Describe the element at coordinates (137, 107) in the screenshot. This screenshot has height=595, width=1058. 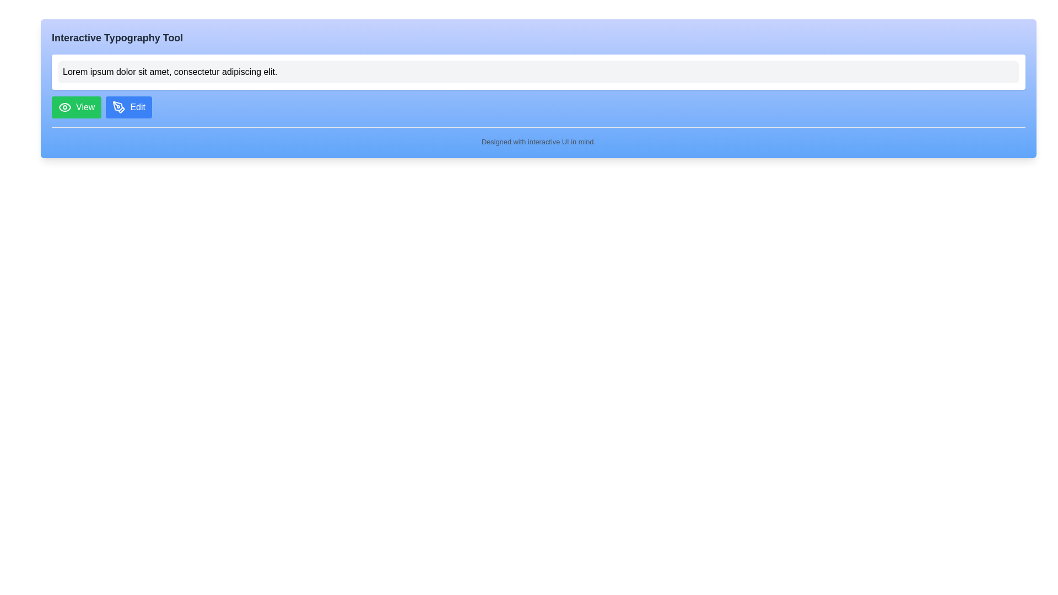
I see `text content of the 'Edit' label which is styled with white text on a blue background and is part of a button with rounded corners` at that location.